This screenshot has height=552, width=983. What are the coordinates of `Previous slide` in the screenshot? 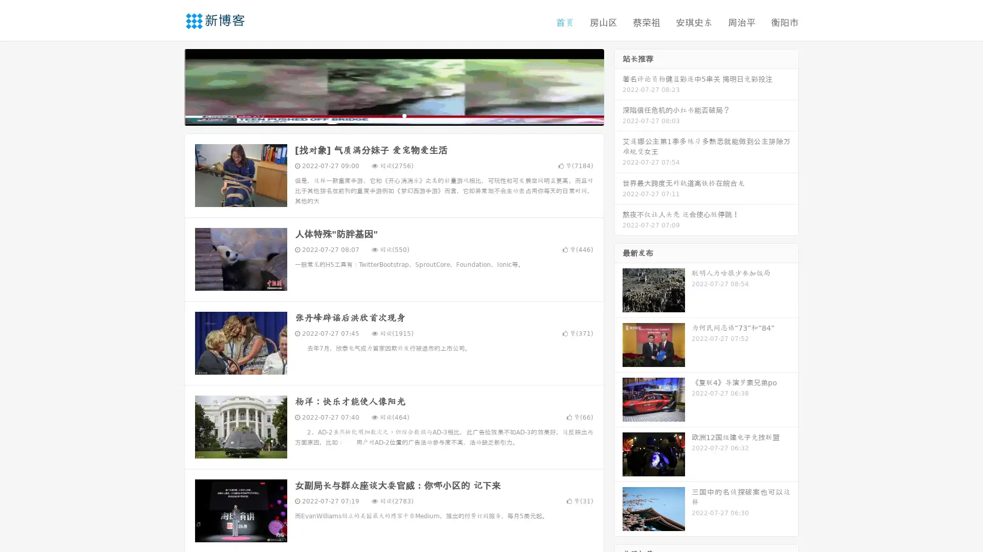 It's located at (169, 86).